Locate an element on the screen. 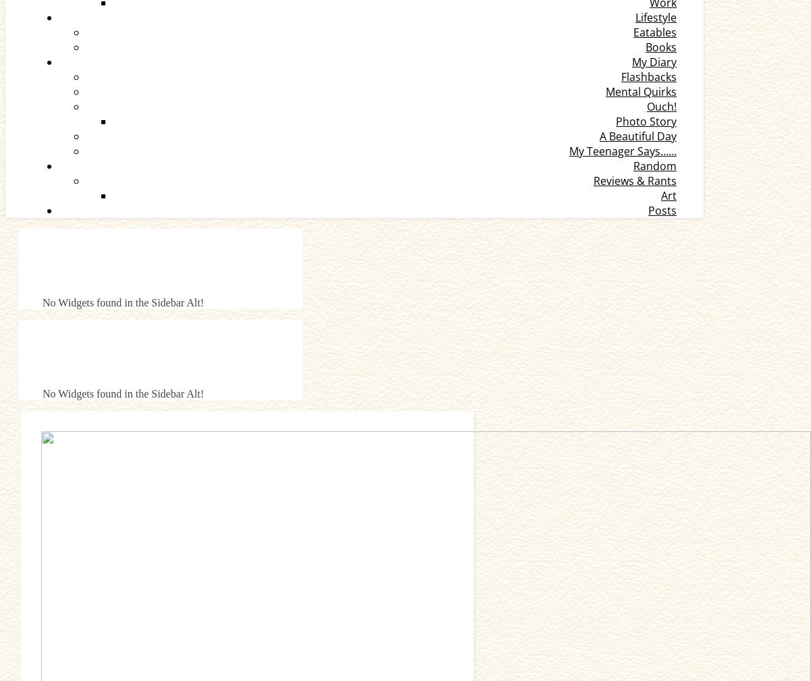 The image size is (811, 681). 'Mental Quirks' is located at coordinates (641, 91).